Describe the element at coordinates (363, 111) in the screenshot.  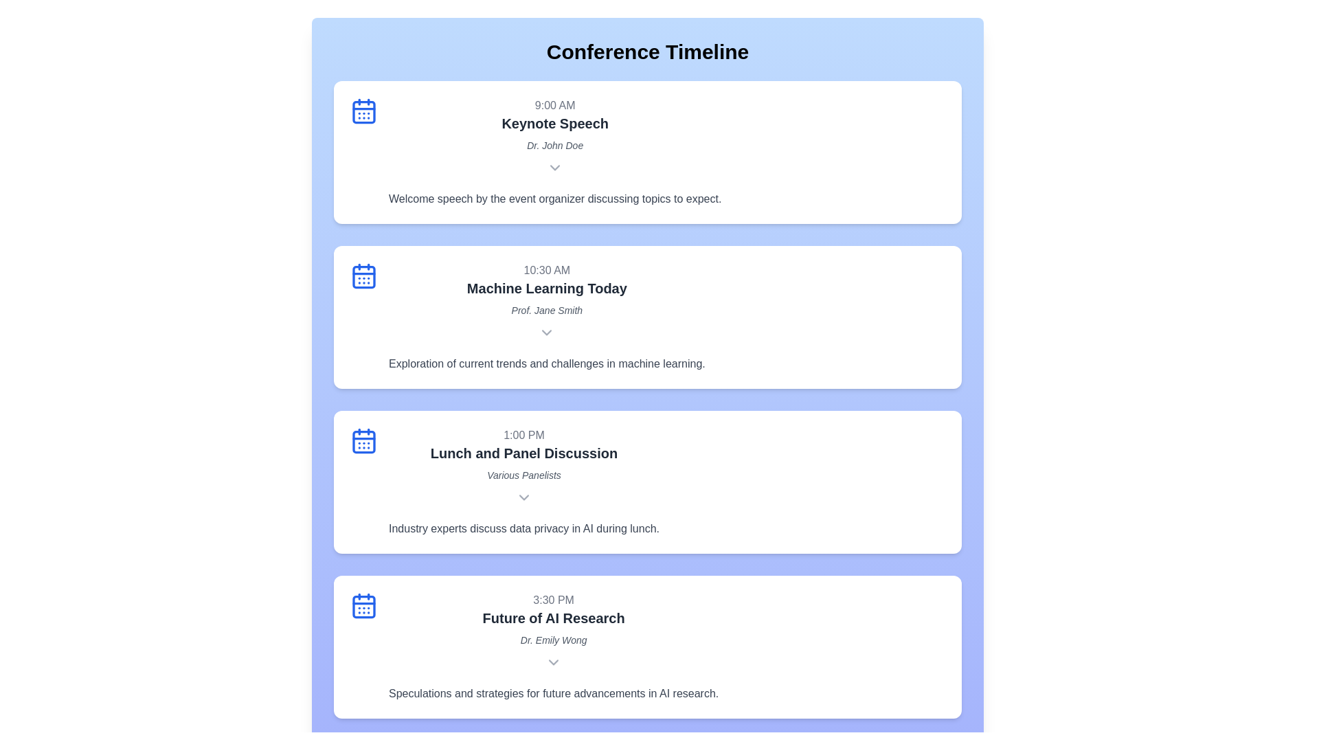
I see `the rectangular background shape with rounded corners that serves as the main body of the calendar icon in the top-left corner of the 'Keynote Speech' card in the 'Conference Timeline' interface` at that location.